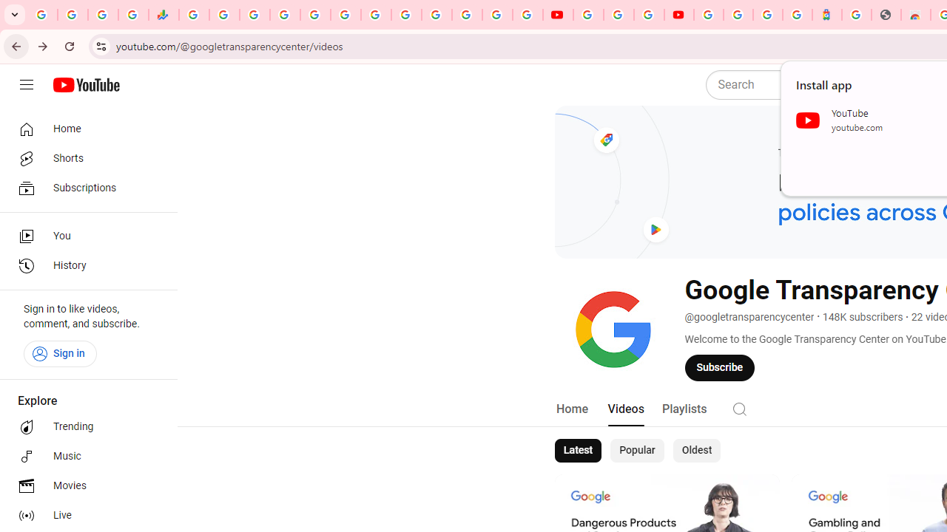 This screenshot has height=532, width=947. I want to click on 'Videos', so click(625, 409).